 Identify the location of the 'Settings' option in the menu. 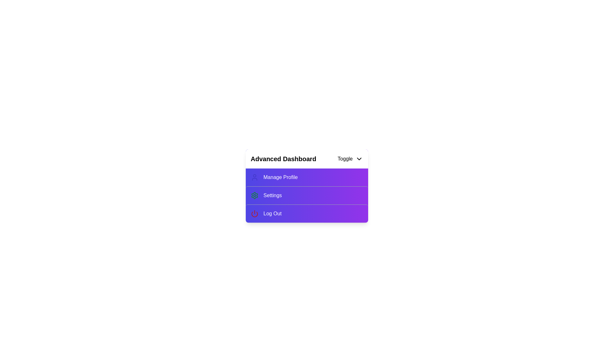
(307, 195).